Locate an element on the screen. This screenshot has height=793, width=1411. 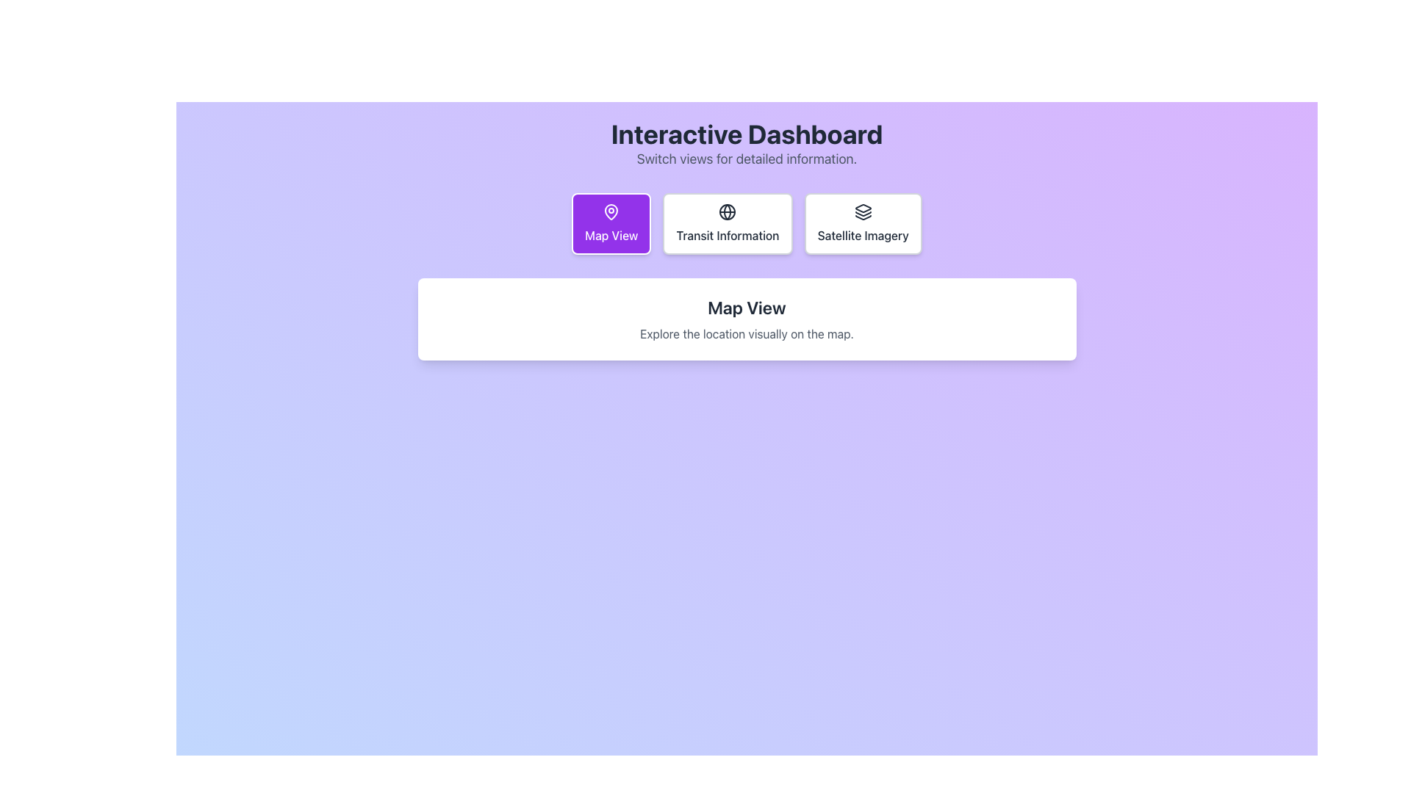
the central button in the middle section of the interface that switches to 'Transit Information' is located at coordinates (728, 223).